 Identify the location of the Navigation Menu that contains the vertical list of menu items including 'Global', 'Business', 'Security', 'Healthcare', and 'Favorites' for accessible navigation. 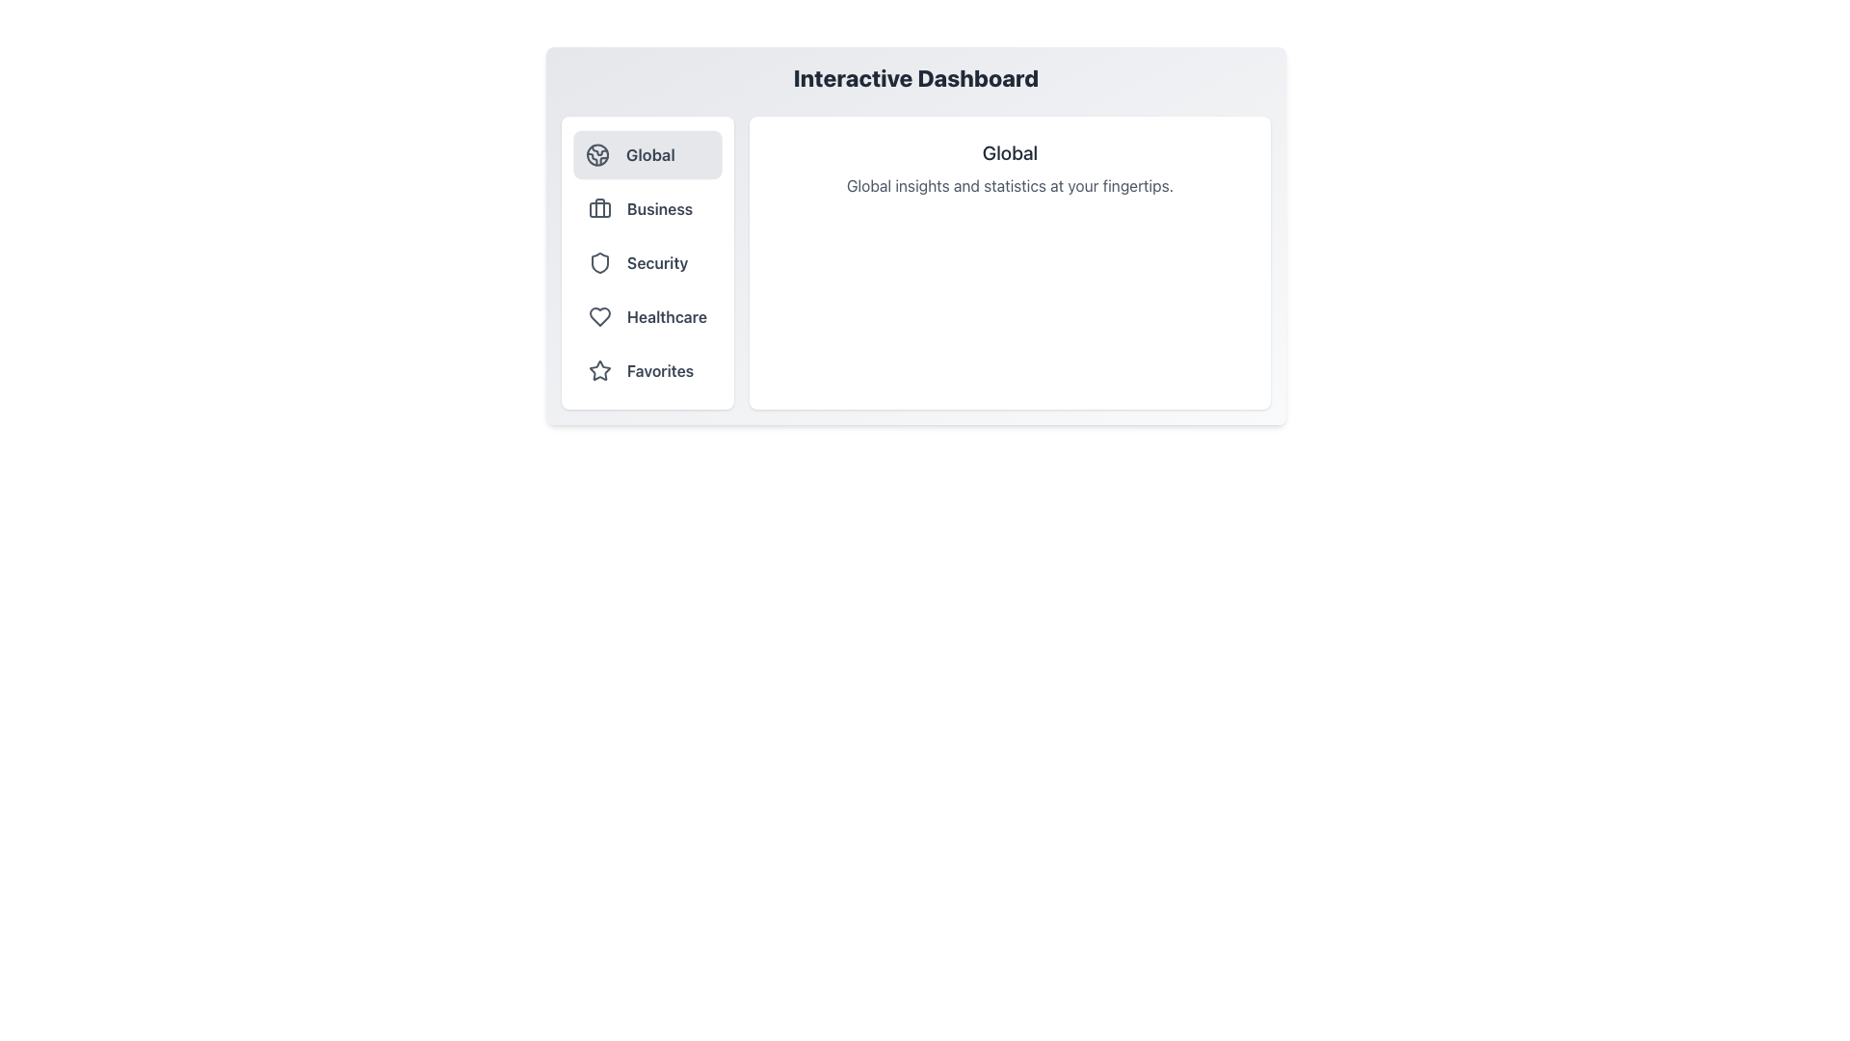
(647, 263).